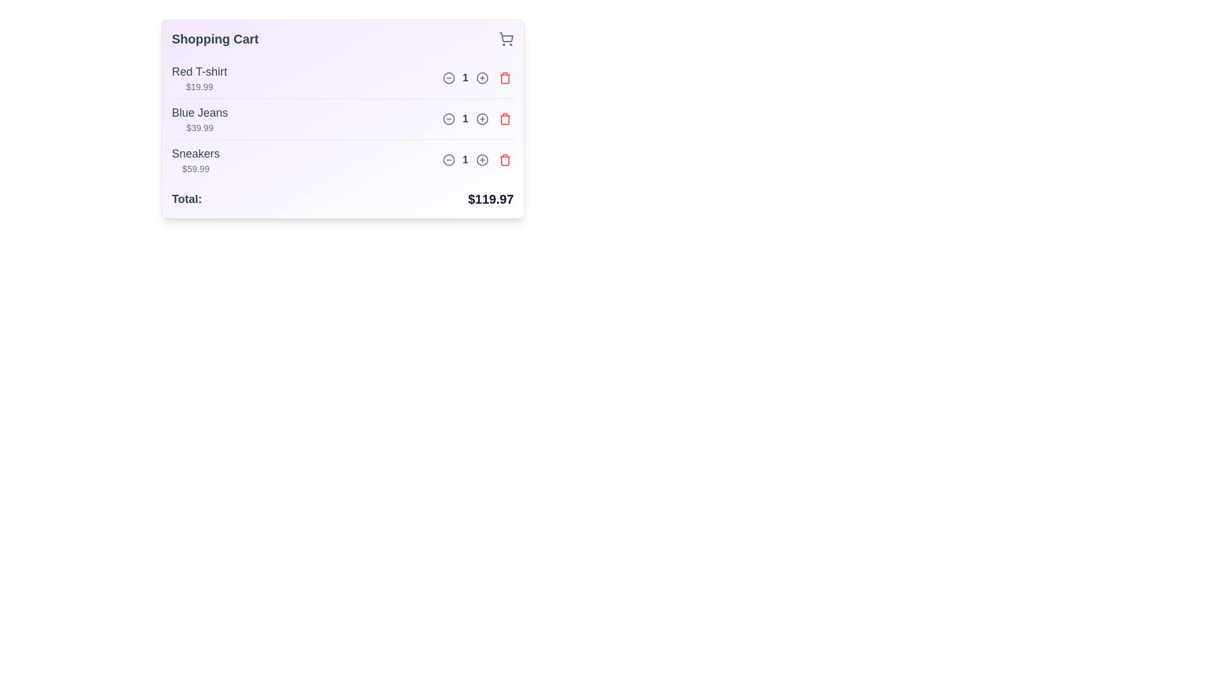 The image size is (1211, 681). What do you see at coordinates (448, 119) in the screenshot?
I see `the button to decrement the quantity of the 'Blue Jeans' product in the shopping cart, which is located to the left of the numeric label '1'` at bounding box center [448, 119].